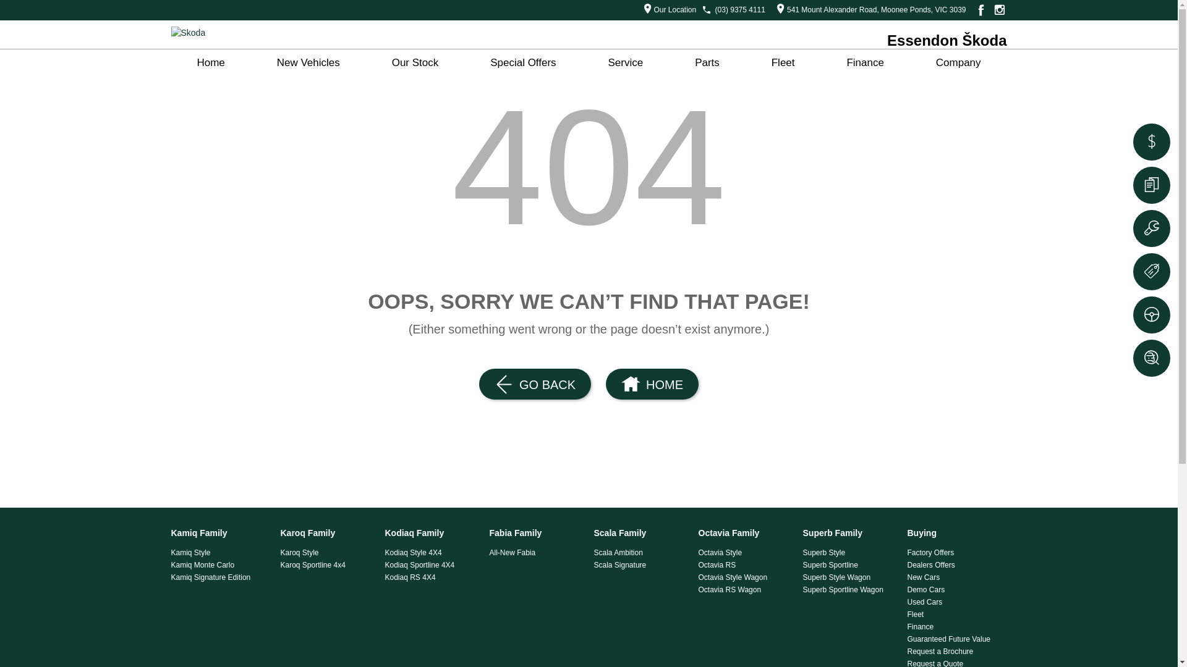 The image size is (1187, 667). What do you see at coordinates (280, 552) in the screenshot?
I see `'Karoq Style'` at bounding box center [280, 552].